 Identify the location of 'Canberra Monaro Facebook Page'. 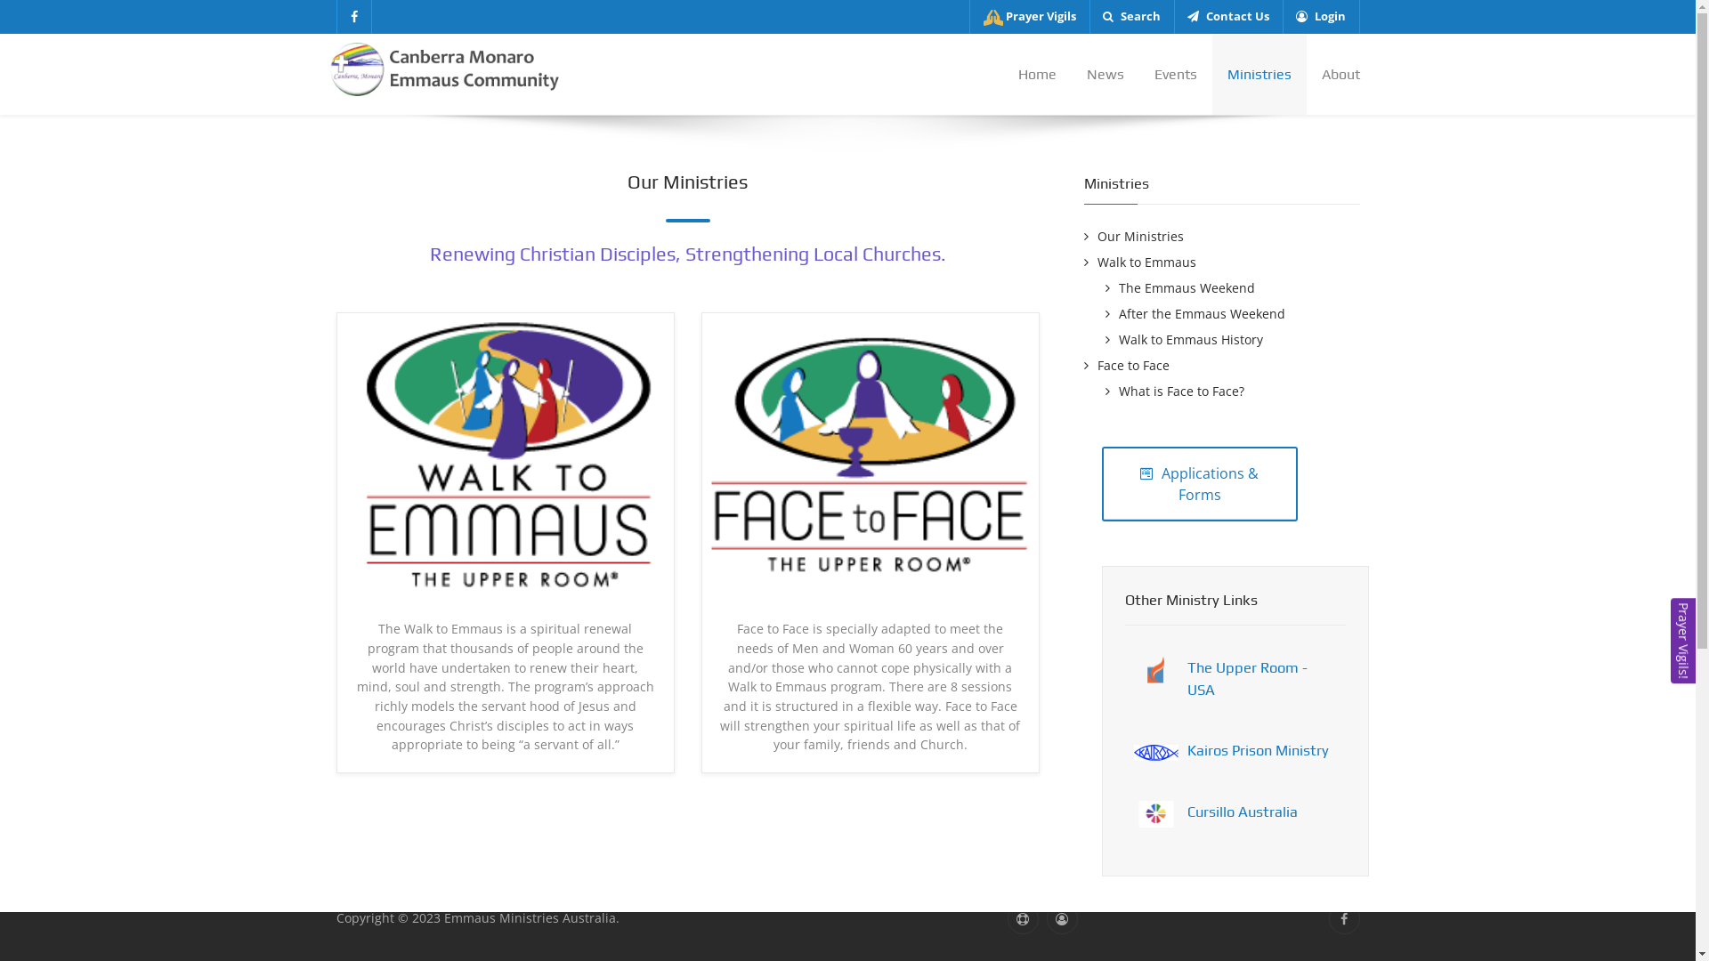
(354, 17).